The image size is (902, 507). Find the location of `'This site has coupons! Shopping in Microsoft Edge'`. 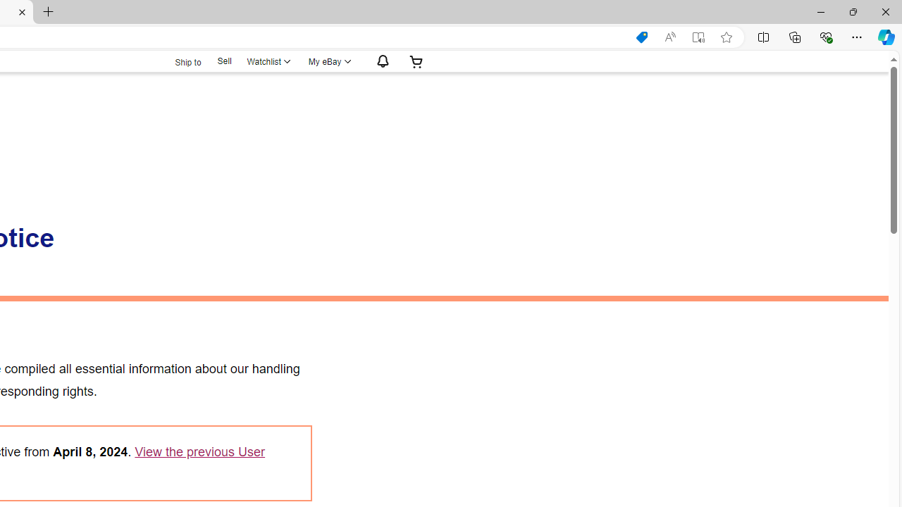

'This site has coupons! Shopping in Microsoft Edge' is located at coordinates (641, 37).